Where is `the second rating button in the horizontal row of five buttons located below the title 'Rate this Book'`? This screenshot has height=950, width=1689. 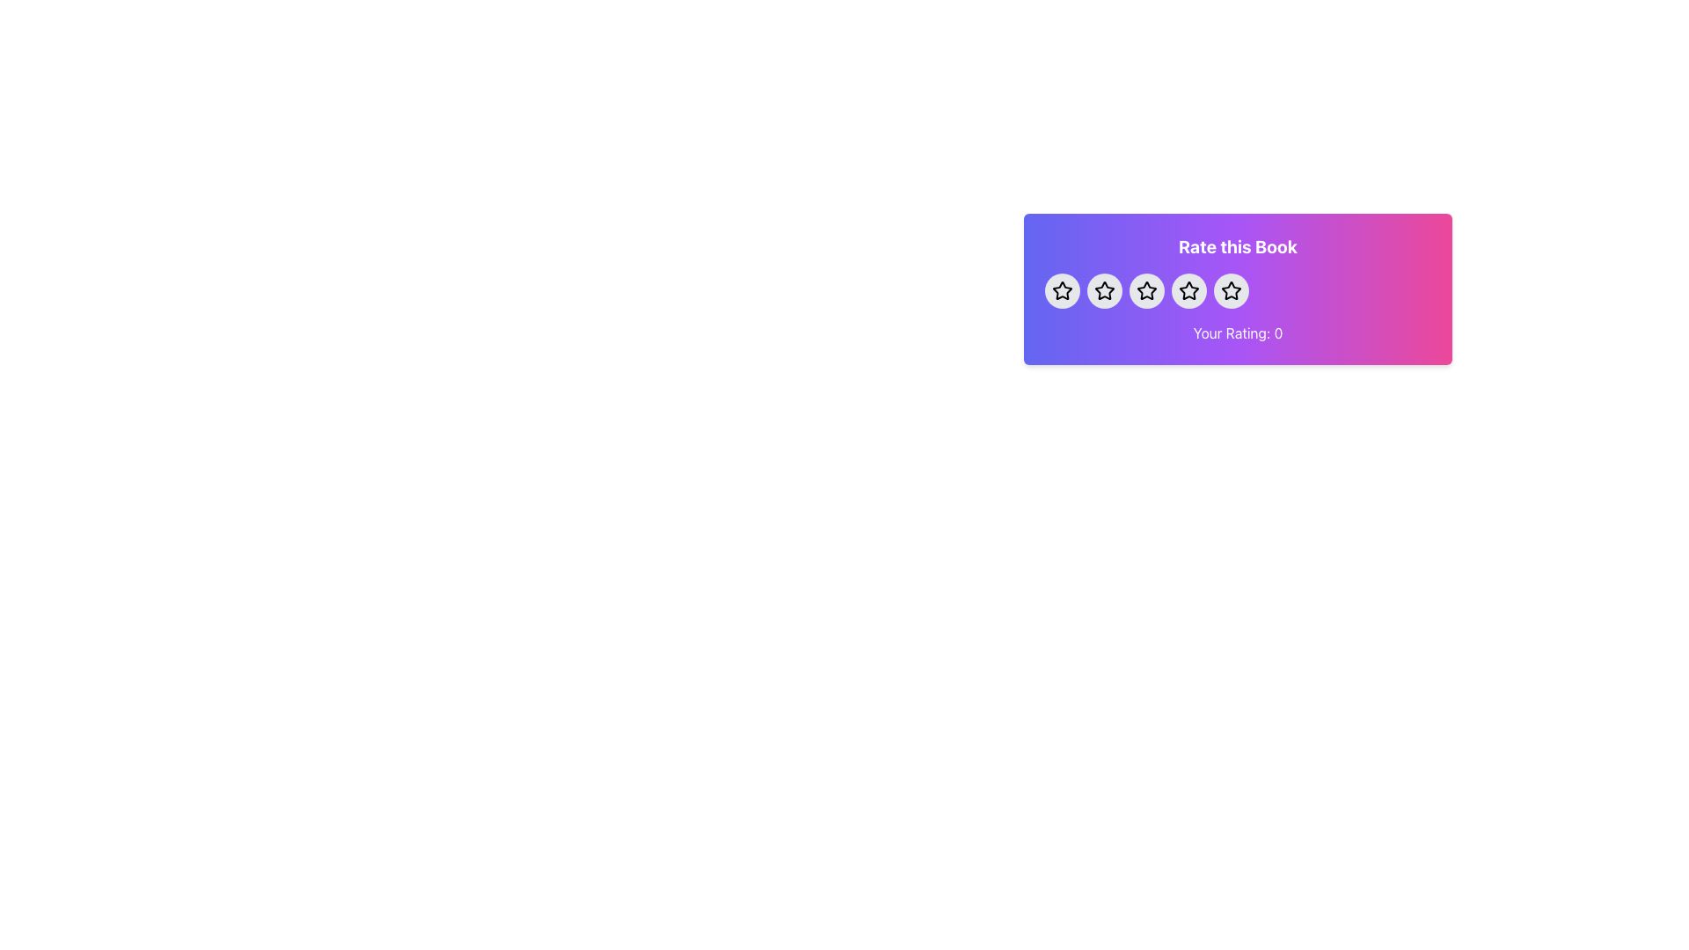 the second rating button in the horizontal row of five buttons located below the title 'Rate this Book' is located at coordinates (1104, 290).